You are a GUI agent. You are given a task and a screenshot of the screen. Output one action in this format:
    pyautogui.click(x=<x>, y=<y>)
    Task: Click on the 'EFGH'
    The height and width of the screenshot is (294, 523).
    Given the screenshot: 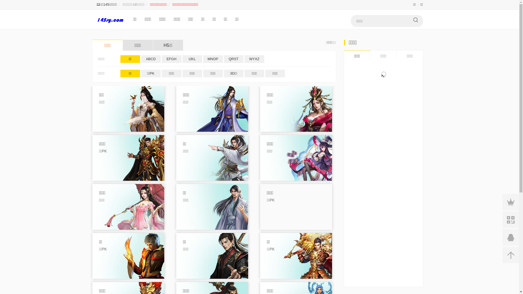 What is the action you would take?
    pyautogui.click(x=162, y=59)
    